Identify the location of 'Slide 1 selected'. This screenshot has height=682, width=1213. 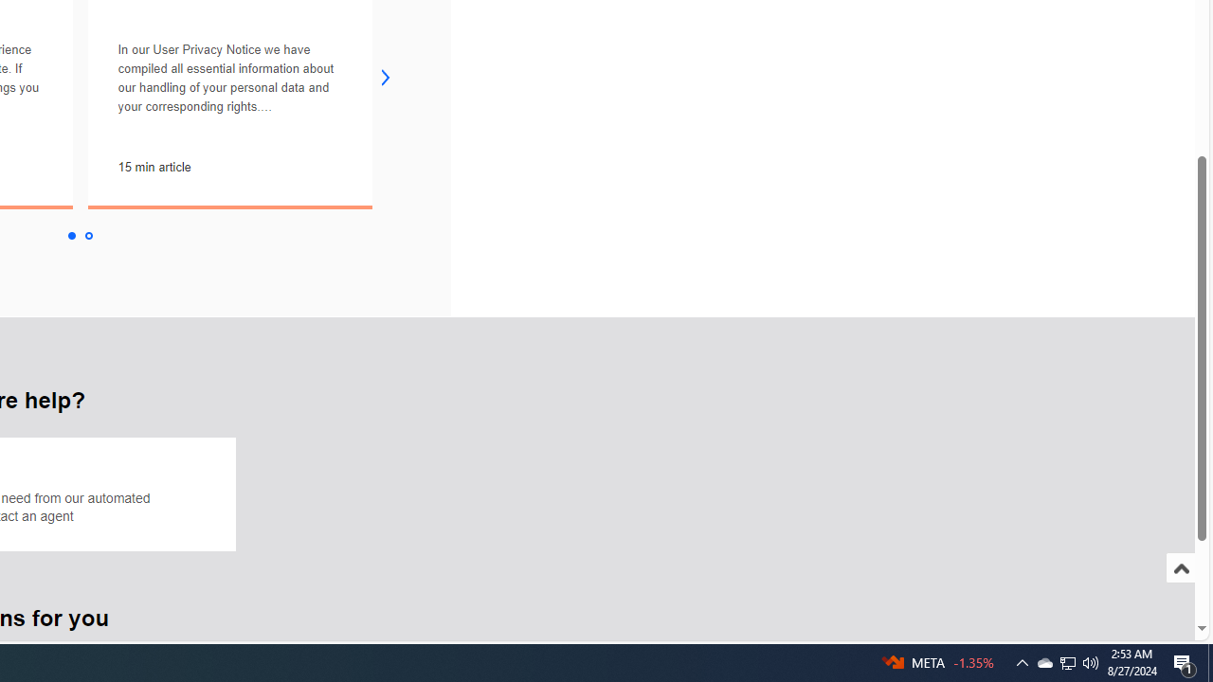
(70, 235).